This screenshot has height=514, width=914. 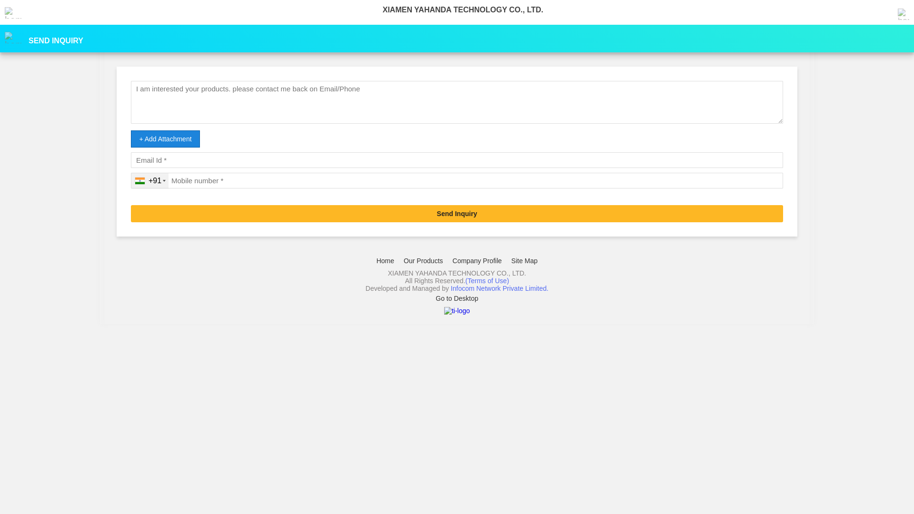 I want to click on 'Go to Desktop', so click(x=457, y=298).